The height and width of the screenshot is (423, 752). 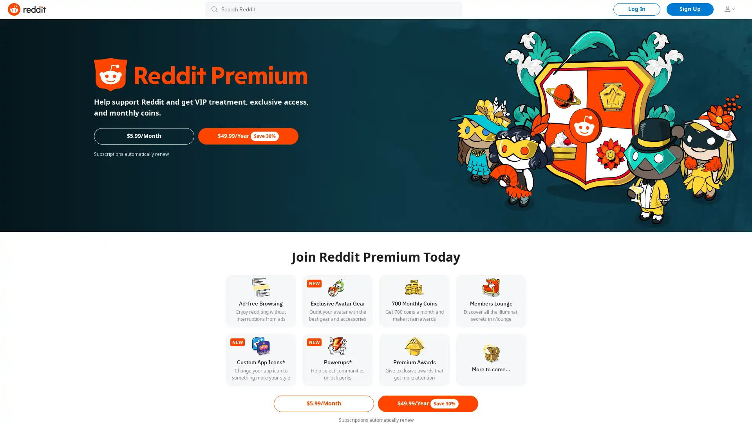 I want to click on Sign Up, so click(x=690, y=9).